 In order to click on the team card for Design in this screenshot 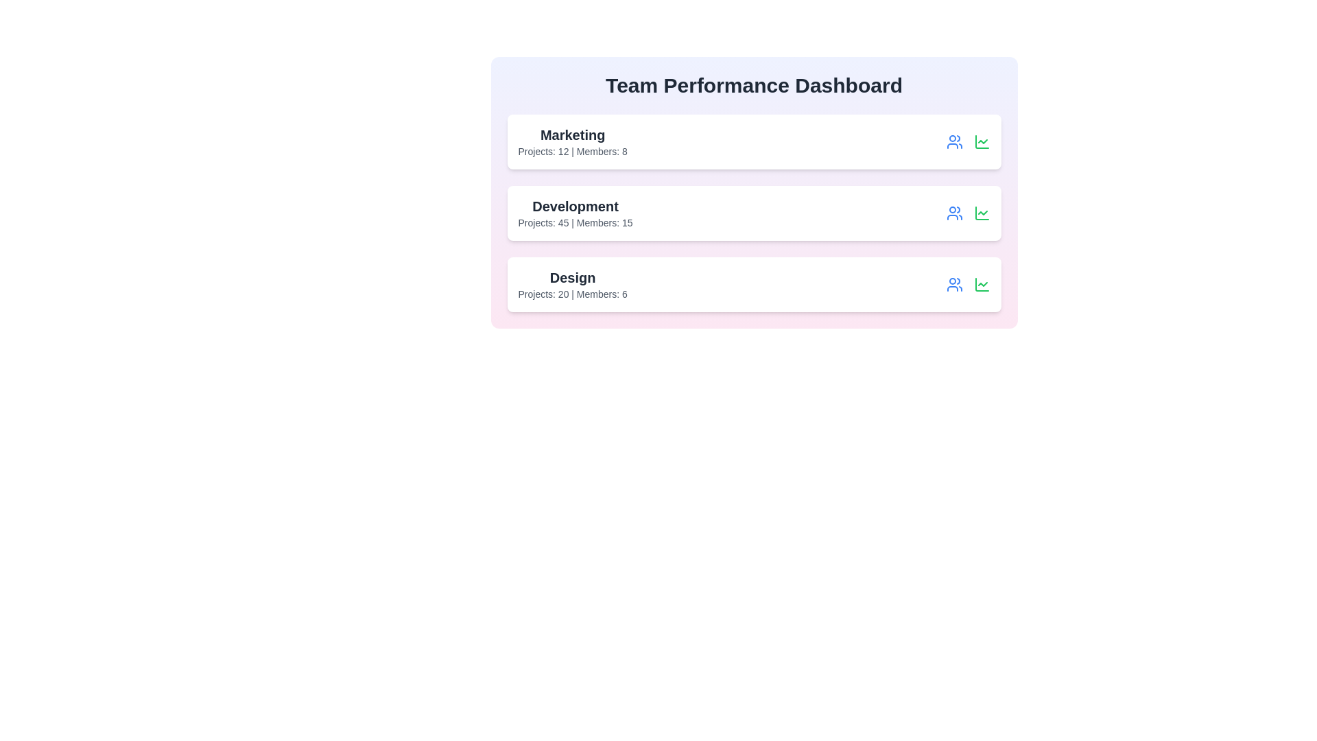, I will do `click(753, 284)`.